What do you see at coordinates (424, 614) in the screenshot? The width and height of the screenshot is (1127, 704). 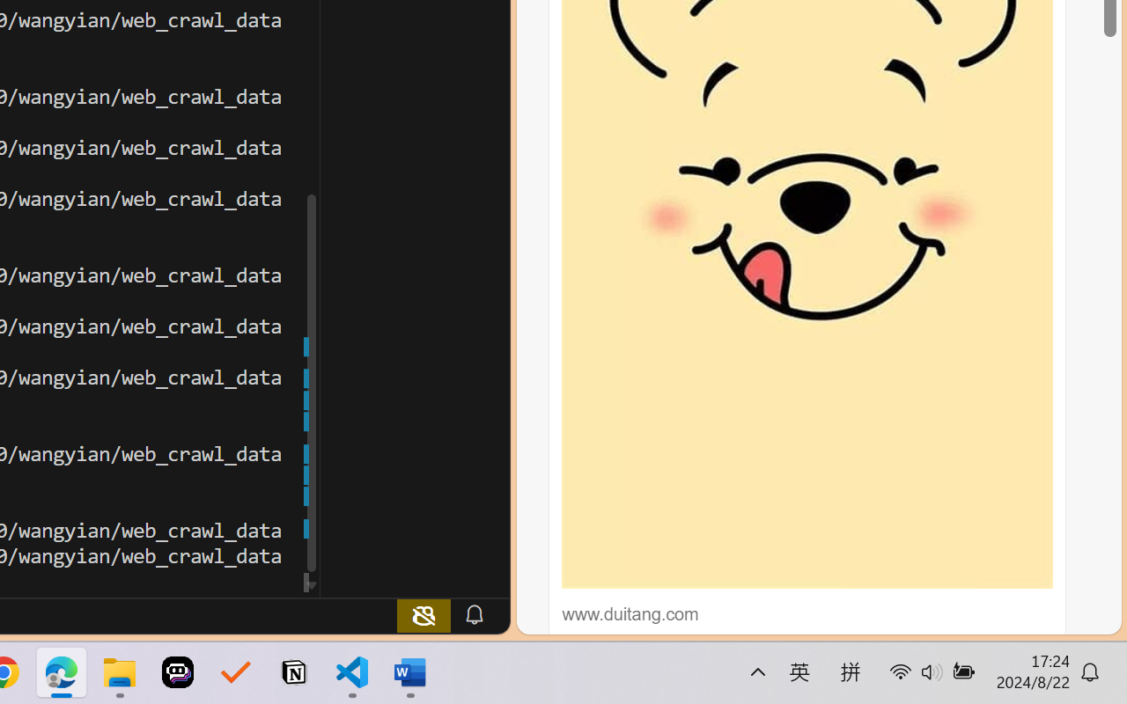 I see `'copilot-notconnected, Copilot error (click for details)'` at bounding box center [424, 614].